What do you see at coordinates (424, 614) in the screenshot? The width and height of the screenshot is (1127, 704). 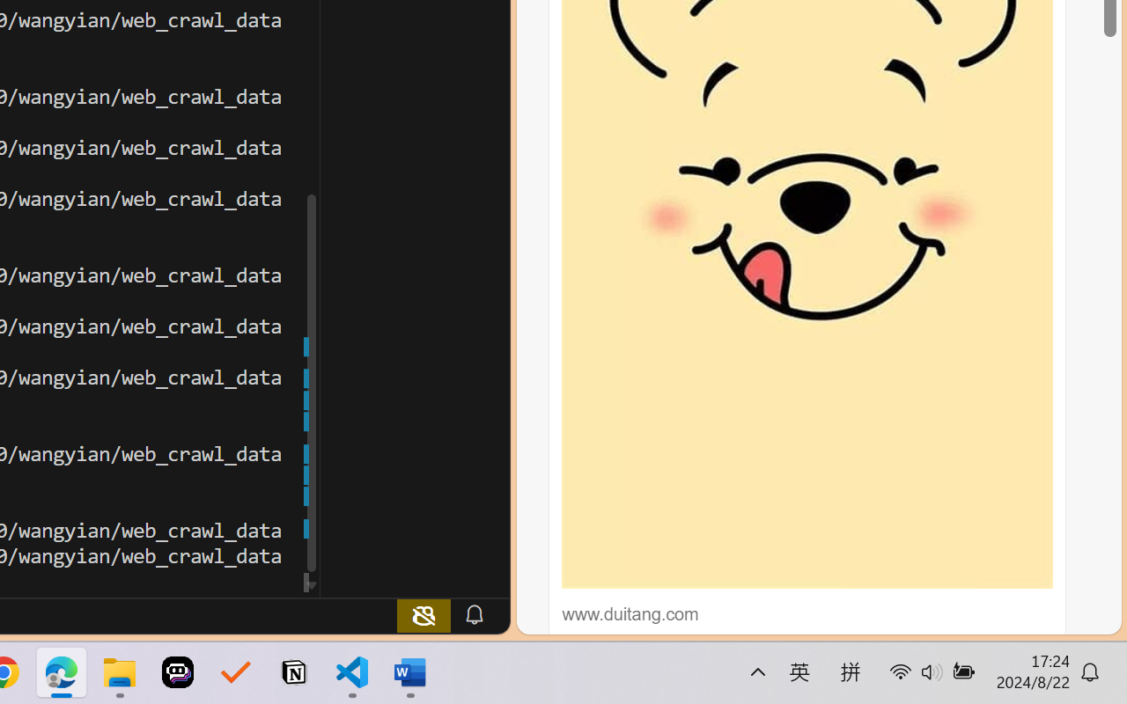 I see `'copilot-notconnected, Copilot error (click for details)'` at bounding box center [424, 614].